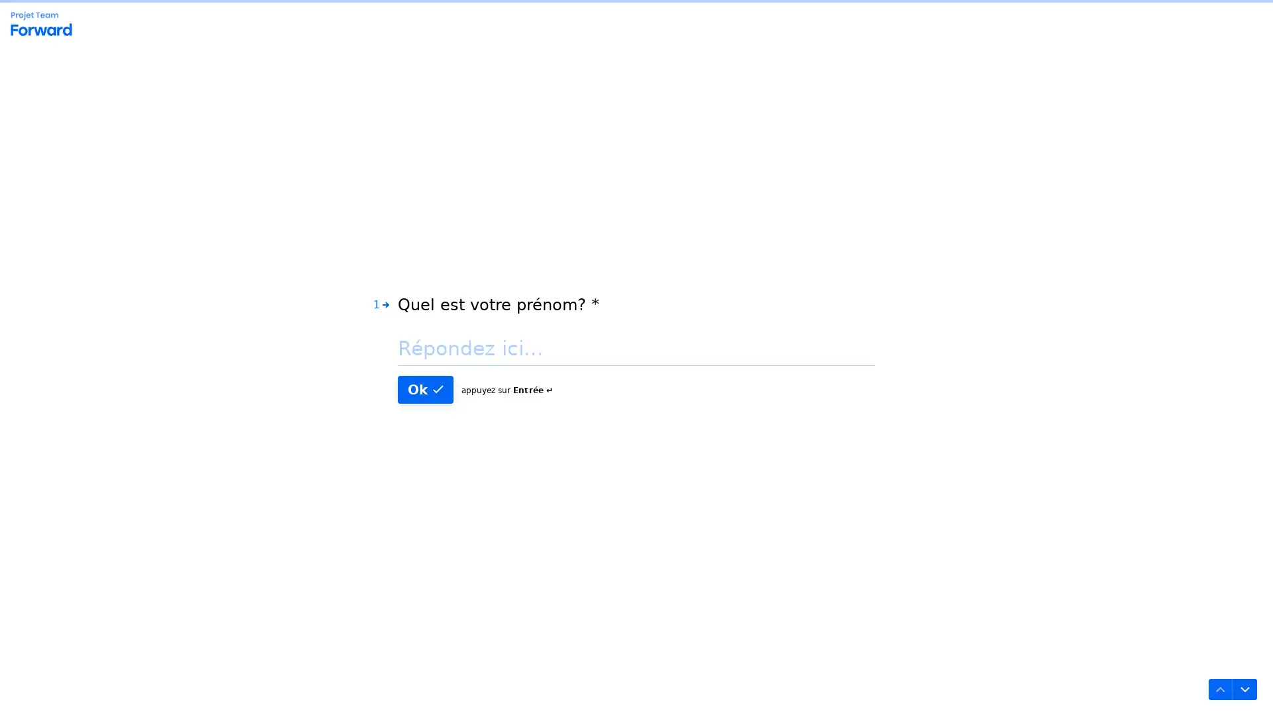 The width and height of the screenshot is (1273, 716). I want to click on Ok, so click(426, 388).